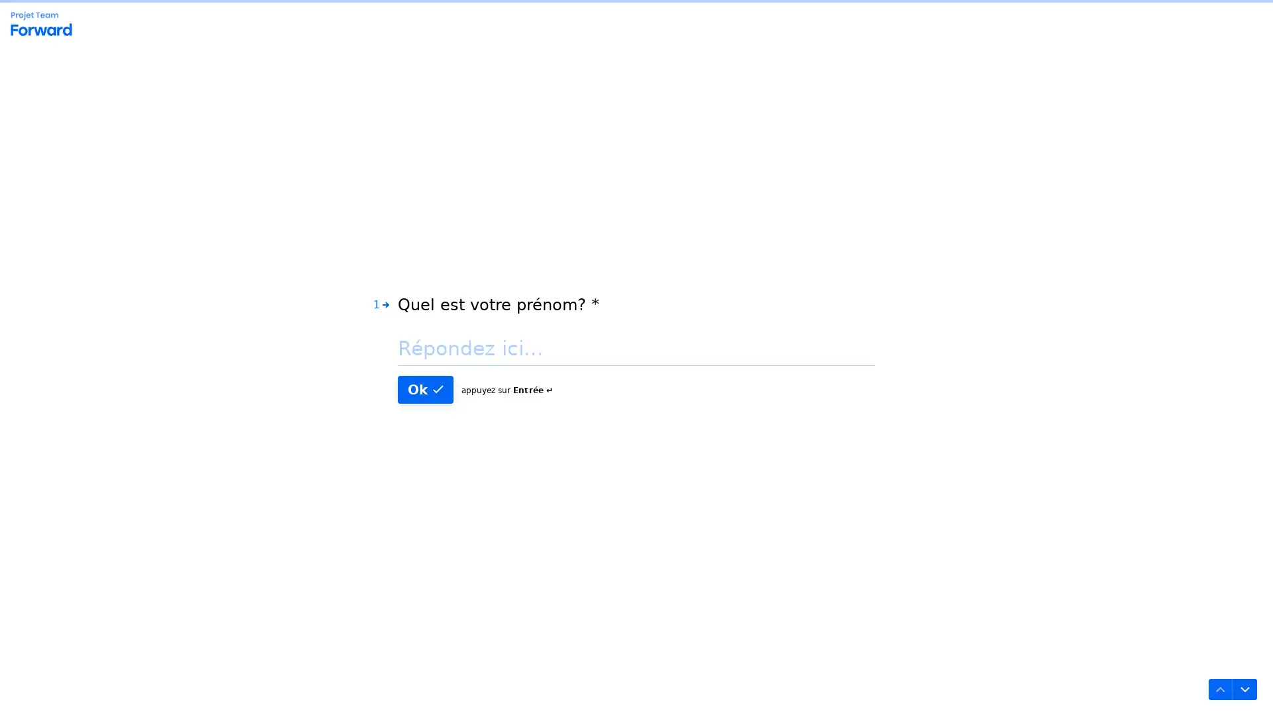 The width and height of the screenshot is (1273, 716). I want to click on Ok, so click(426, 388).